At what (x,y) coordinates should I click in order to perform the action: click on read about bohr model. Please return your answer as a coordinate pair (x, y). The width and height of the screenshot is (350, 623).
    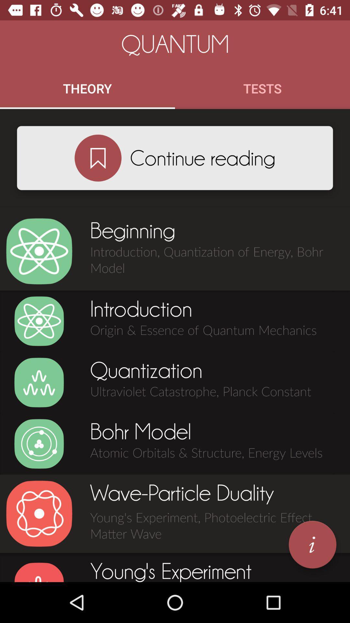
    Looking at the image, I should click on (39, 444).